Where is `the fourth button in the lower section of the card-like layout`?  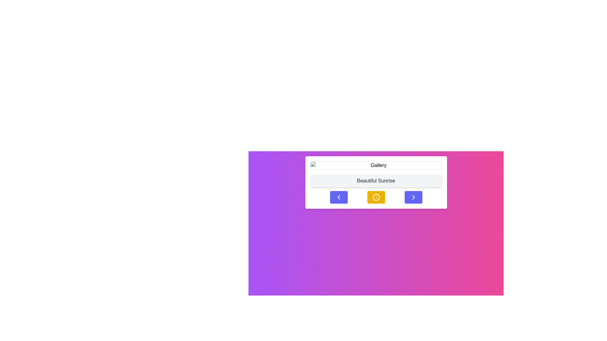
the fourth button in the lower section of the card-like layout is located at coordinates (413, 197).